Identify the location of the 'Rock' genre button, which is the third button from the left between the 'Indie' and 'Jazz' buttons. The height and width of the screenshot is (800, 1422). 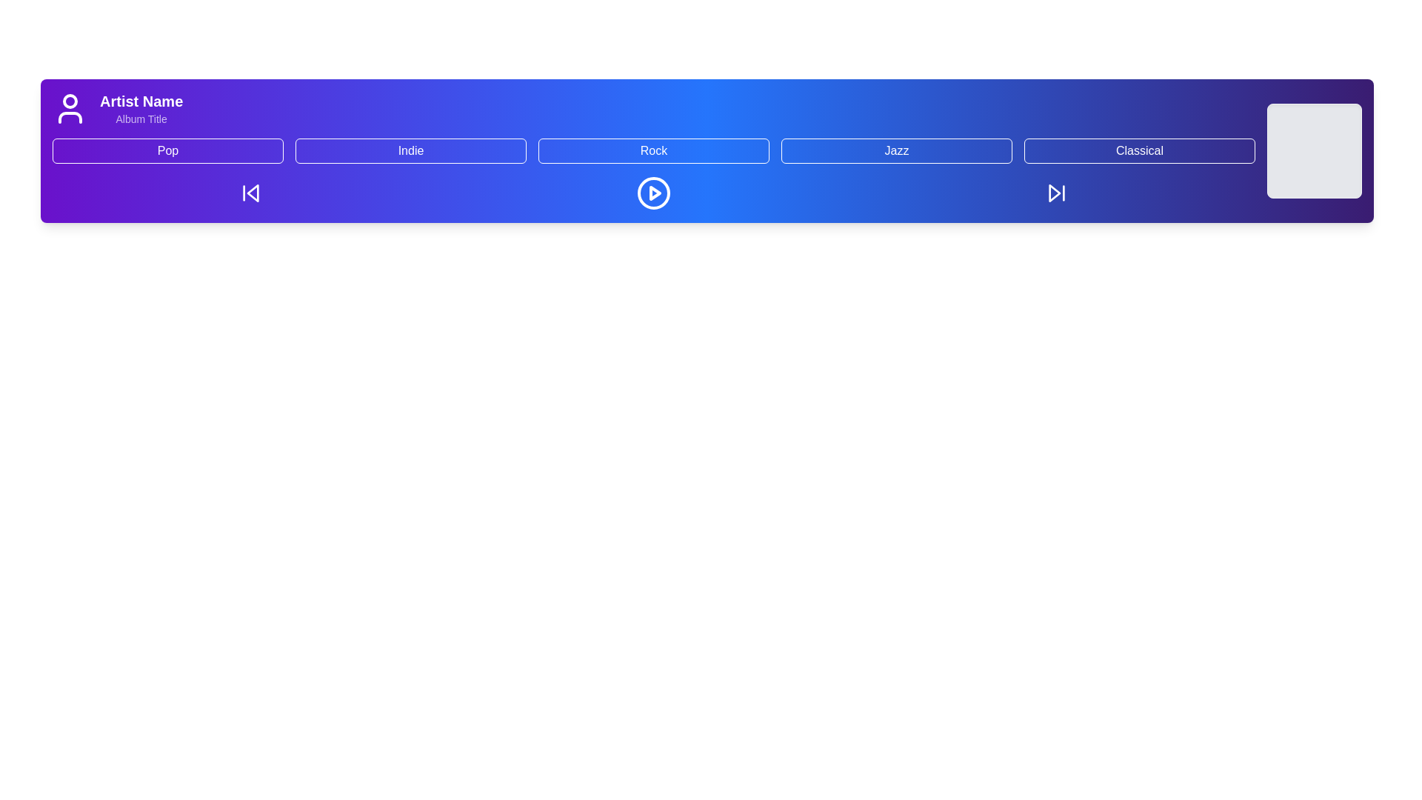
(653, 151).